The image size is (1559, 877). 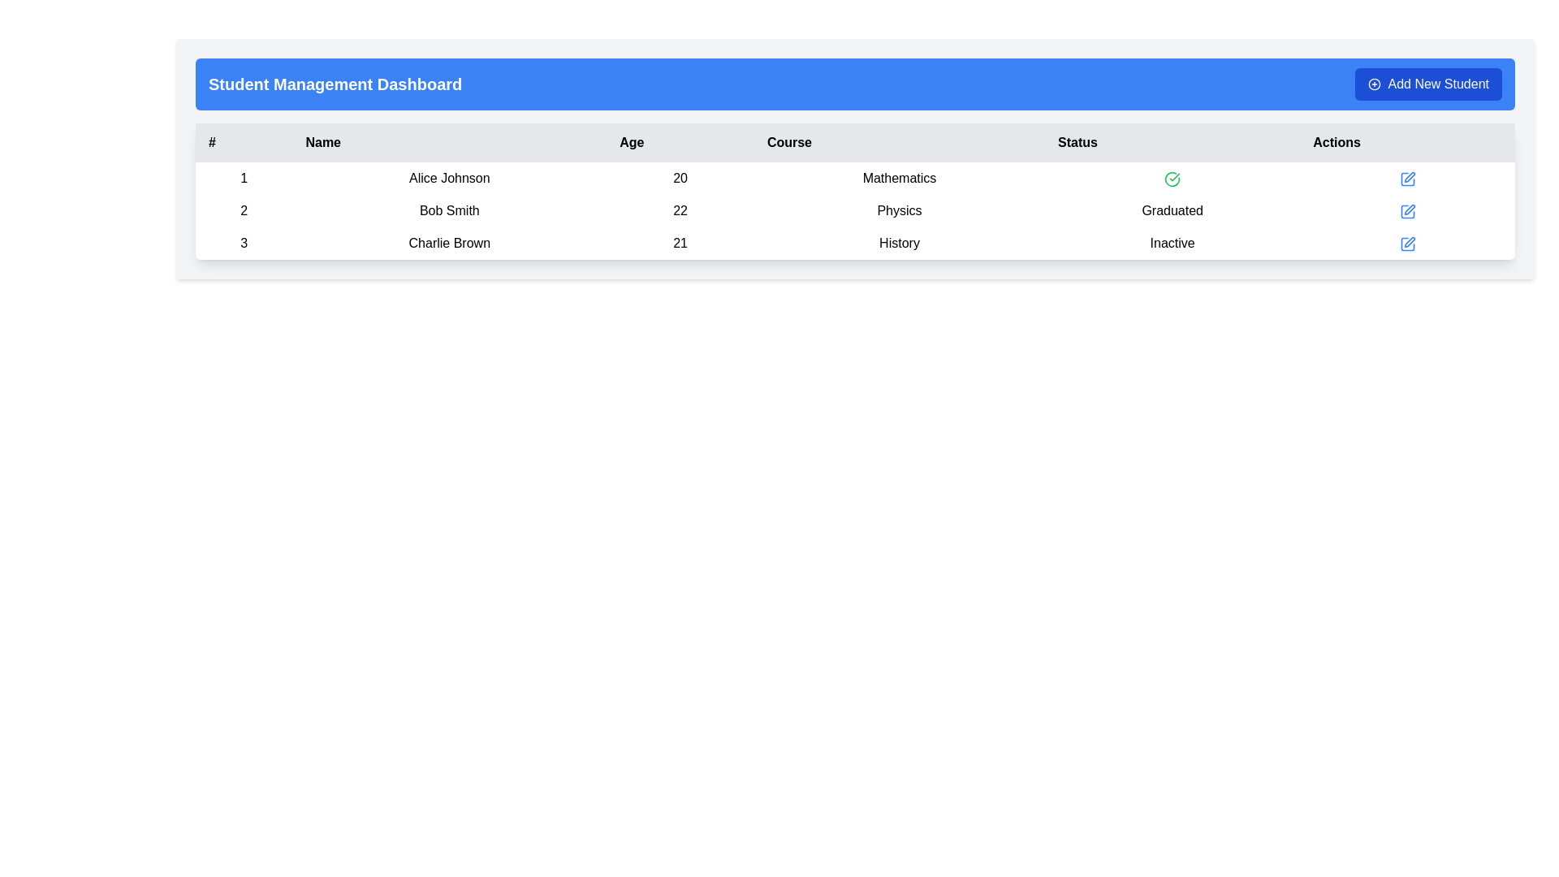 What do you see at coordinates (449, 244) in the screenshot?
I see `the 'Charlie Brown' text label located in the second column of the third row of the table, corresponding to the 'Name' field` at bounding box center [449, 244].